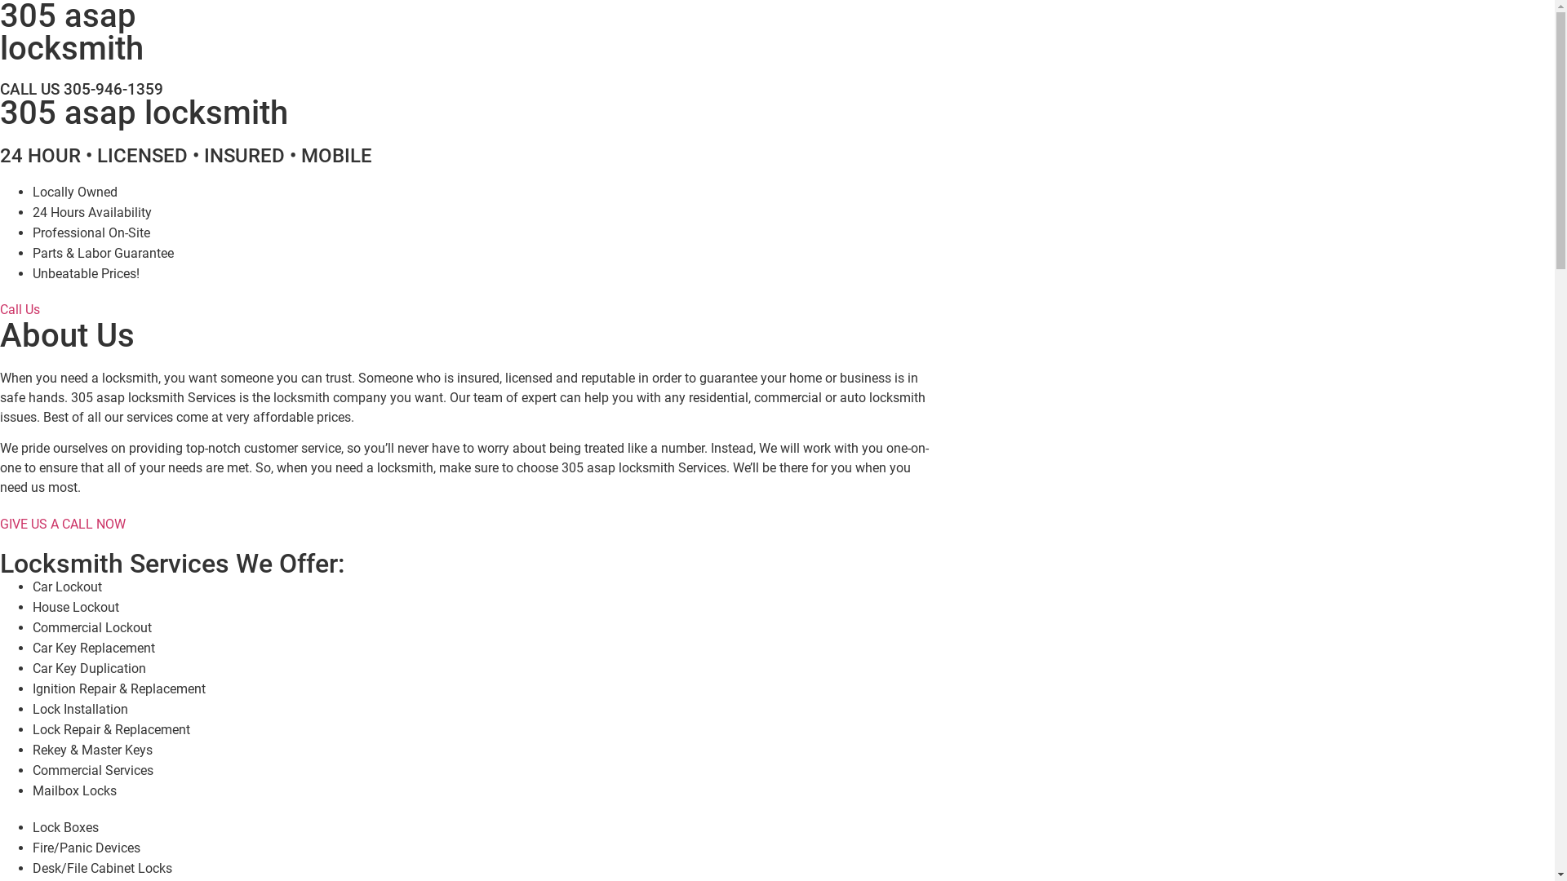  I want to click on 'Call Us', so click(0, 309).